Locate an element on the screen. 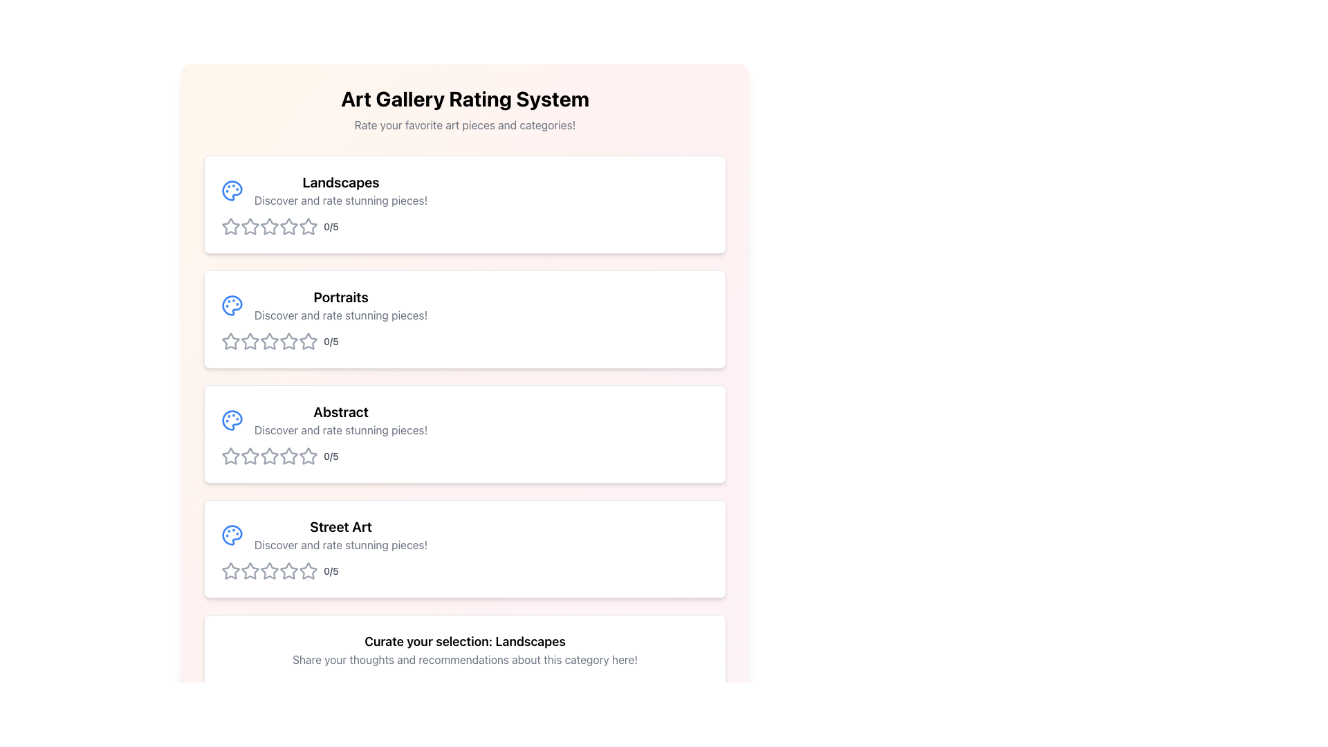 The image size is (1328, 747). the descriptive text element providing context for the 'Landscapes' category, located directly beneath the title within the first list item component is located at coordinates (341, 200).